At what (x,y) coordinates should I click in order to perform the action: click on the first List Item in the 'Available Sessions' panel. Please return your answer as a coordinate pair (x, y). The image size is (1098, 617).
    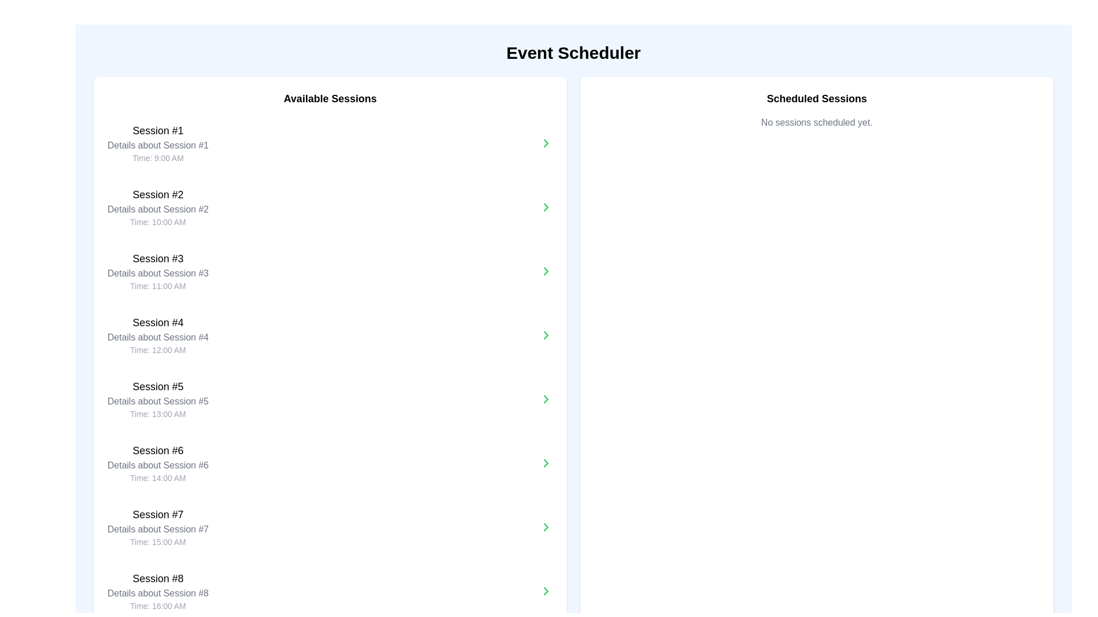
    Looking at the image, I should click on (157, 142).